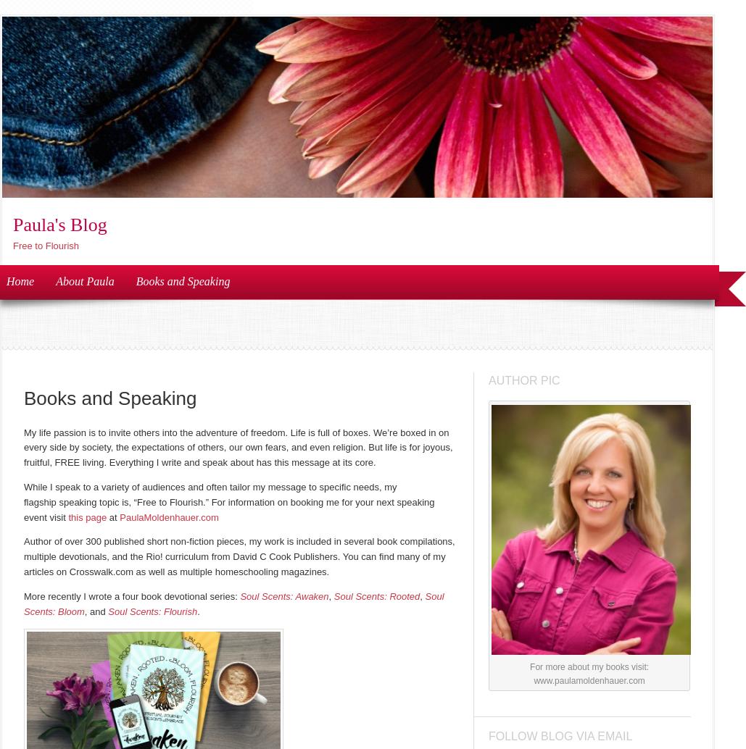 This screenshot has height=749, width=746. What do you see at coordinates (238, 447) in the screenshot?
I see `'My life passion is to invite others into the adventure of freedom. Life is full of boxes. We’re boxed in on every side by society, the expectations of others, our own fears, and even religion. But life is for joyous, fruitful, FREE living. Everything I write and speak about has this message at its core.'` at bounding box center [238, 447].